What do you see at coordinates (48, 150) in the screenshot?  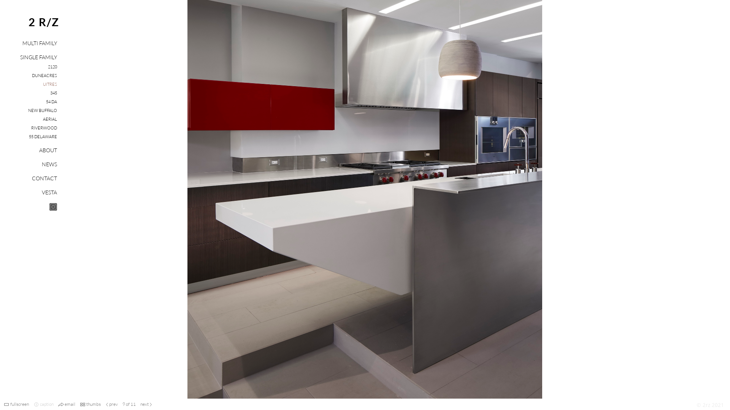 I see `'ABOUT'` at bounding box center [48, 150].